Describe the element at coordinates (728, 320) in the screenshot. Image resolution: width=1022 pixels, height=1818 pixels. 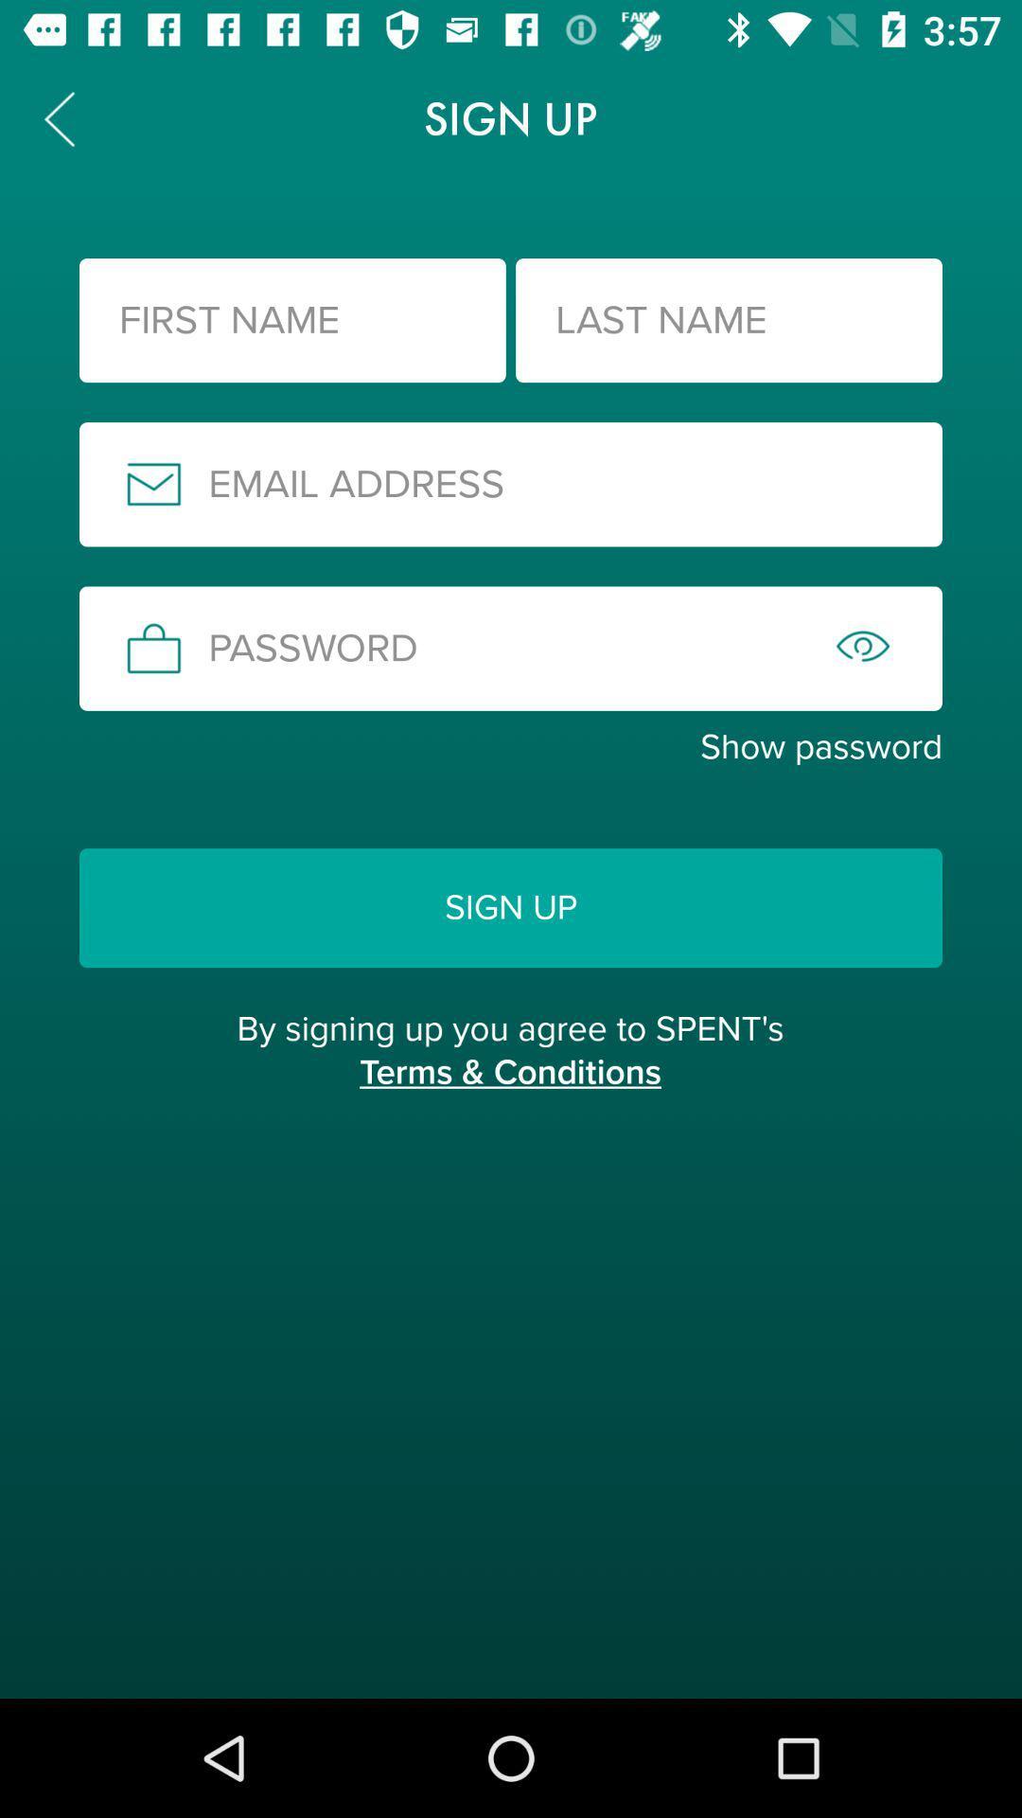
I see `last name` at that location.